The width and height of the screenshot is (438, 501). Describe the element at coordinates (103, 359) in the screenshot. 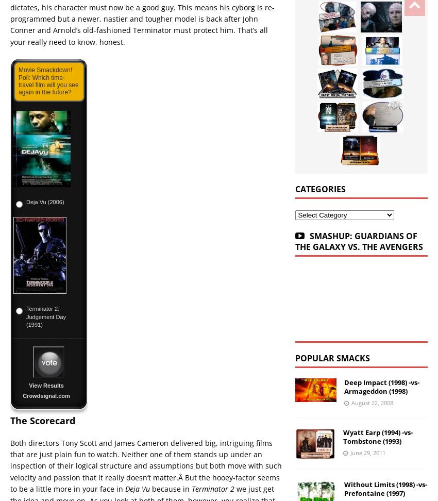

I see `'Awards 2012'` at that location.